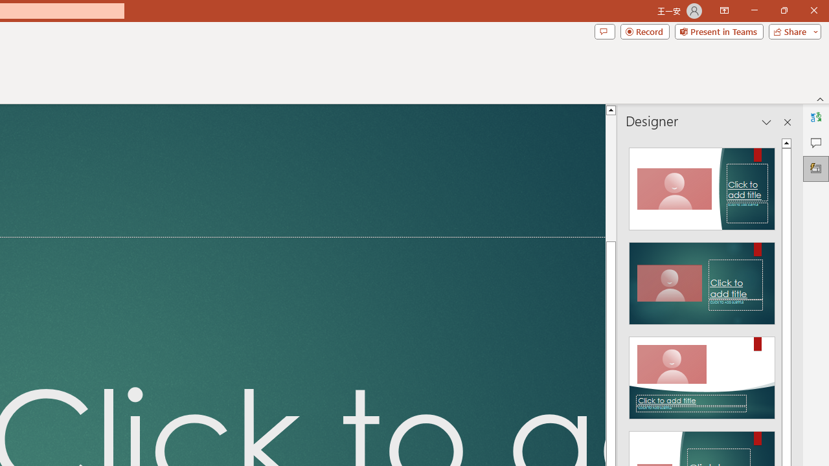 The height and width of the screenshot is (466, 829). What do you see at coordinates (701, 373) in the screenshot?
I see `'Design Idea'` at bounding box center [701, 373].